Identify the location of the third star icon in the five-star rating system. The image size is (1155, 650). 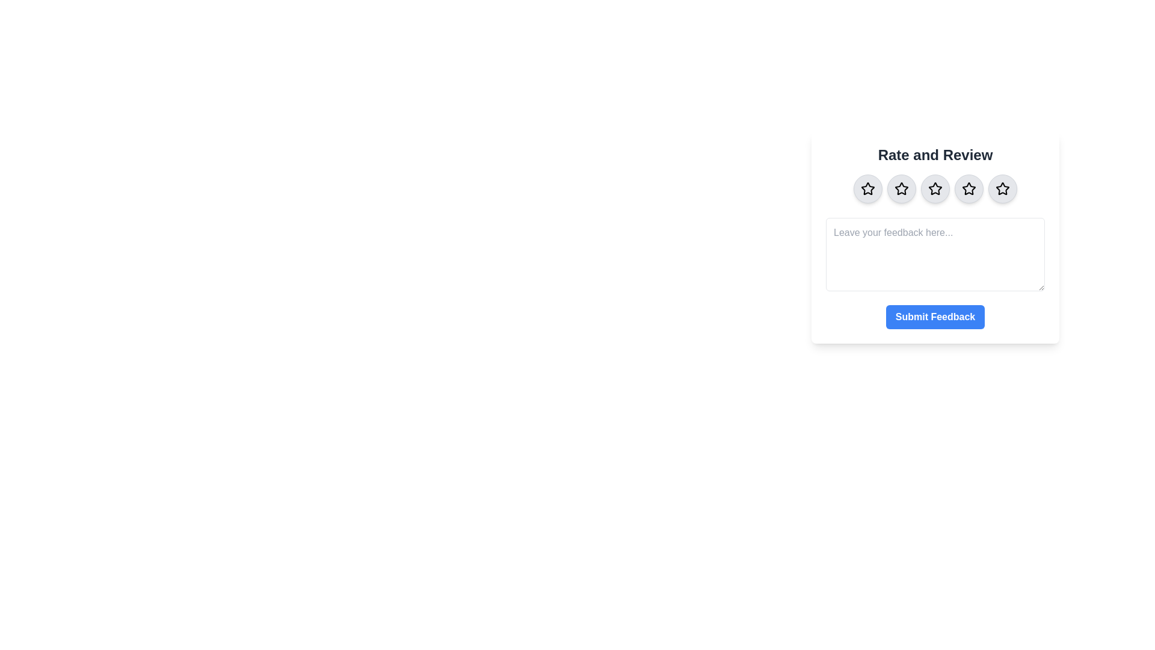
(935, 188).